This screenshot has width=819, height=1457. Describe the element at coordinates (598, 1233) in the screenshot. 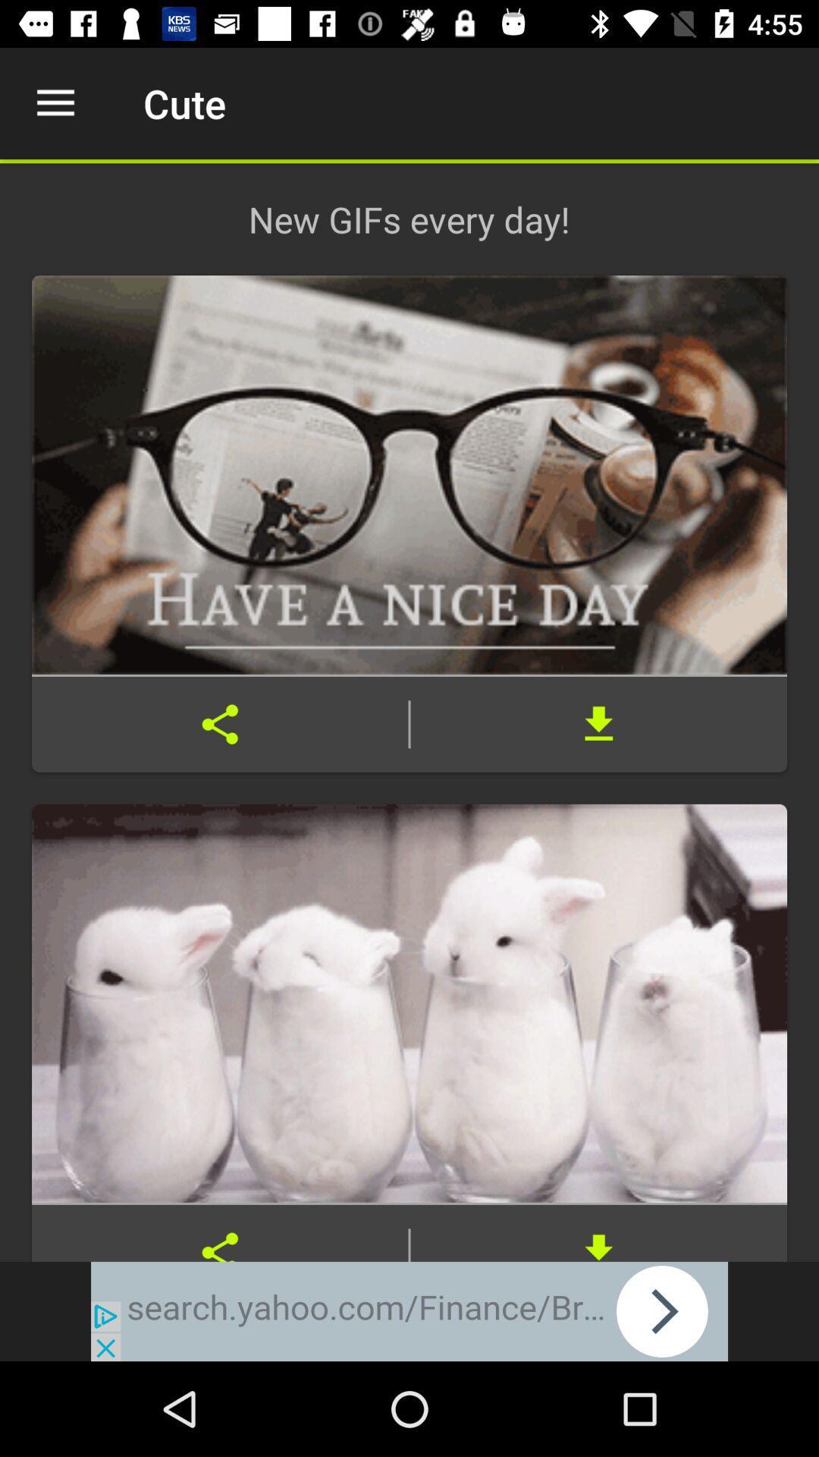

I see `go down` at that location.